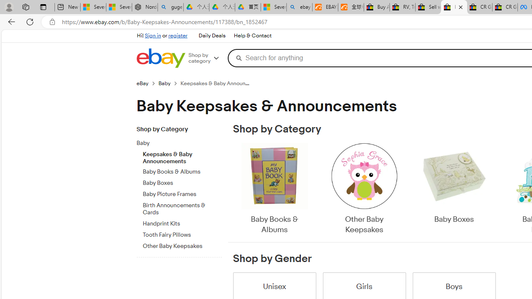 This screenshot has width=532, height=299. I want to click on 'Buy Auto Parts & Accessories | eBay', so click(376, 7).